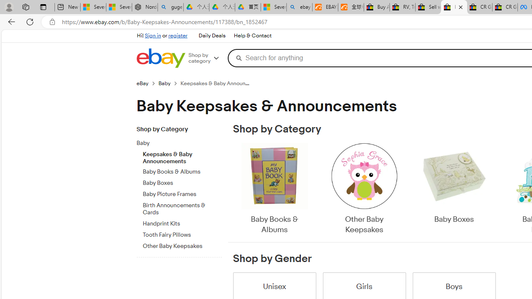 This screenshot has width=532, height=299. I want to click on 'Buy Auto Parts & Accessories | eBay', so click(376, 7).